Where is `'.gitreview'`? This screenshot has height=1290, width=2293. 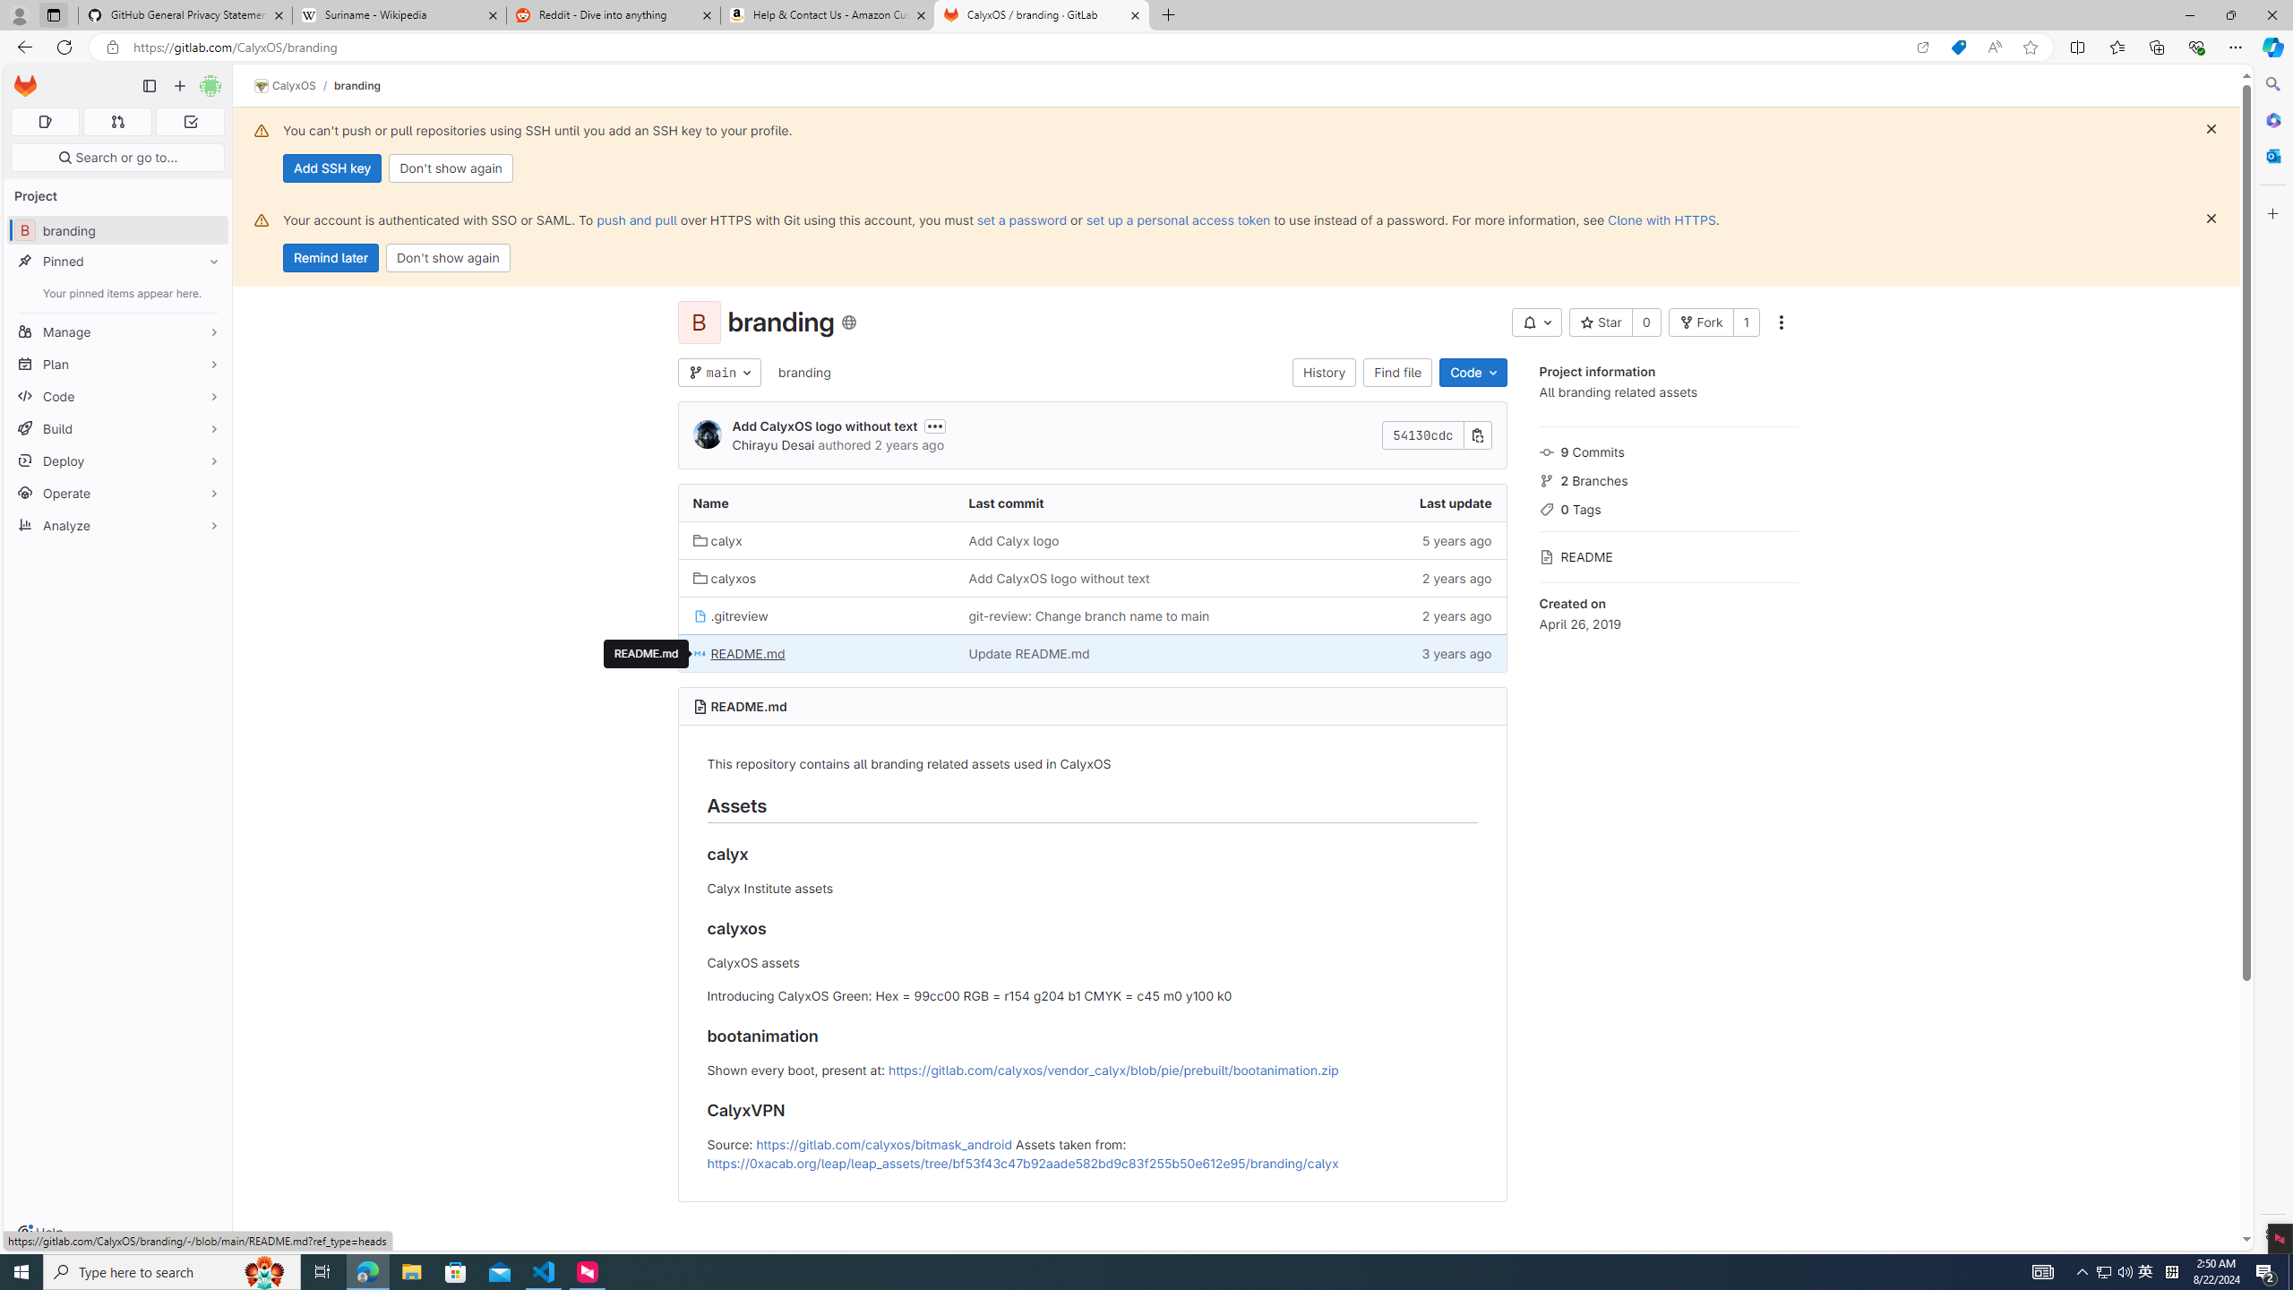
'.gitreview' is located at coordinates (815, 614).